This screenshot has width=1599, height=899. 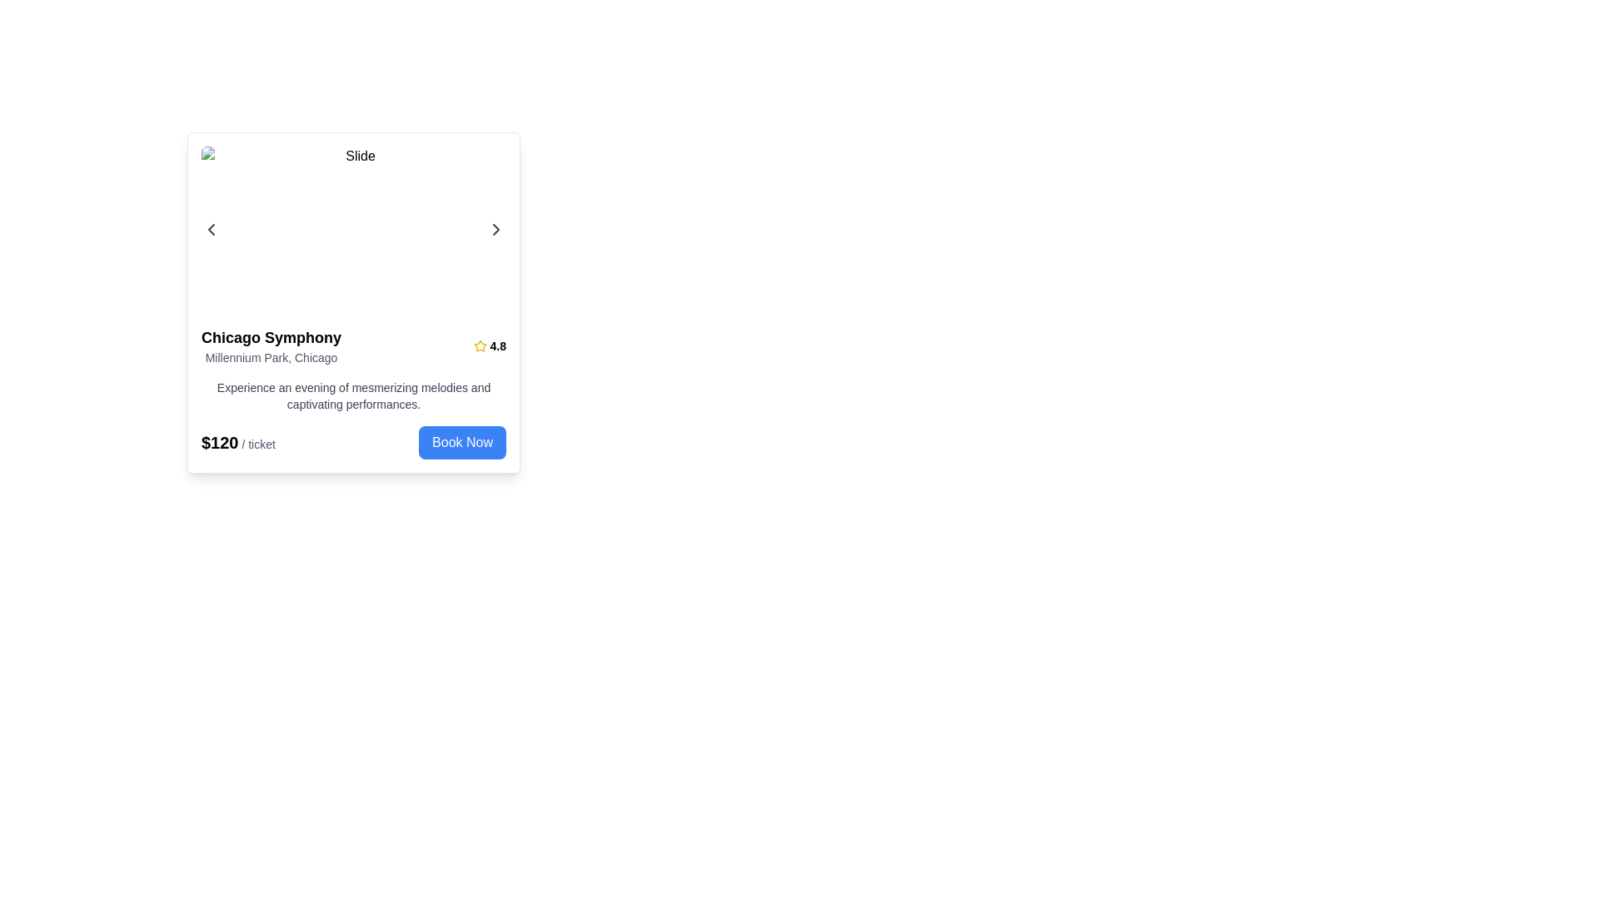 I want to click on price displayed in the text element located below the main descriptive text about the event, which is closely aligned to the left side and precedes the text '/ ticket', so click(x=219, y=442).